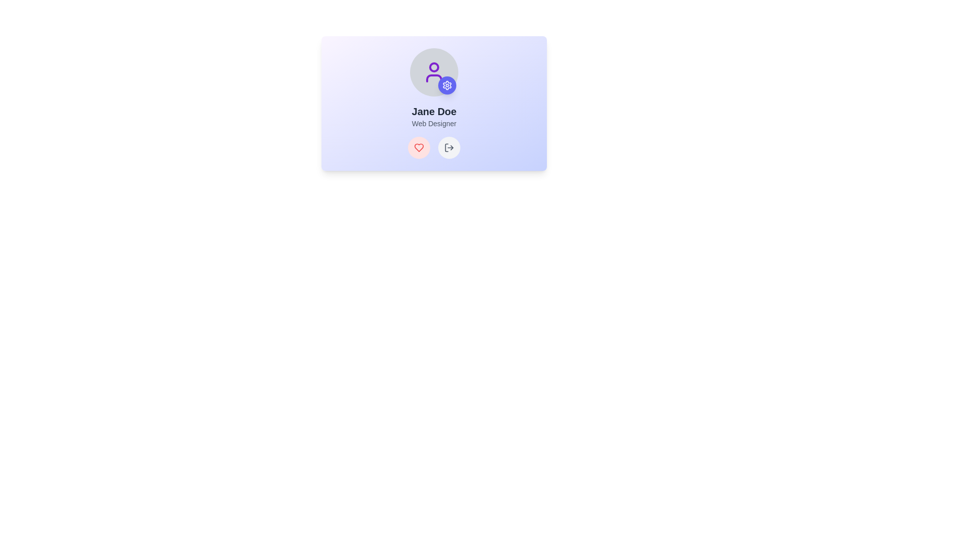 This screenshot has height=543, width=966. I want to click on the blue circular badge with a gear icon at the bottom-right of the centered purple user icon, so click(434, 71).